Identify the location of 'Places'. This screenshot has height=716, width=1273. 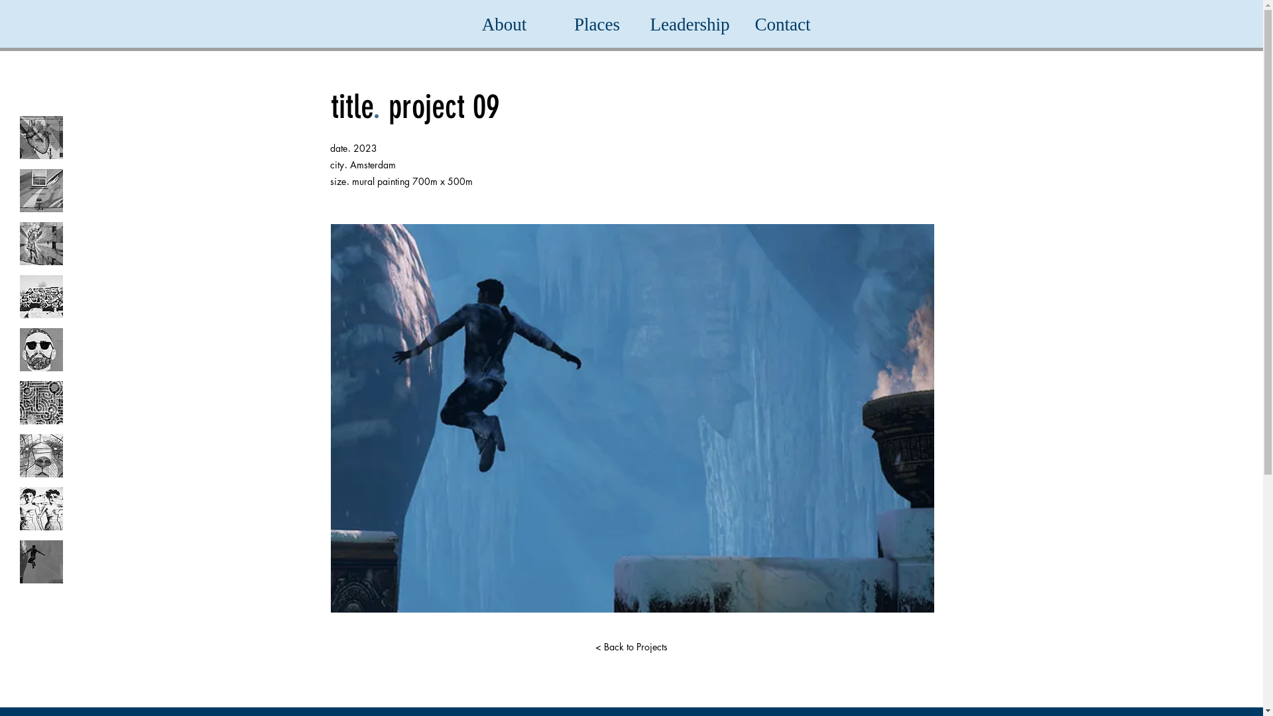
(596, 25).